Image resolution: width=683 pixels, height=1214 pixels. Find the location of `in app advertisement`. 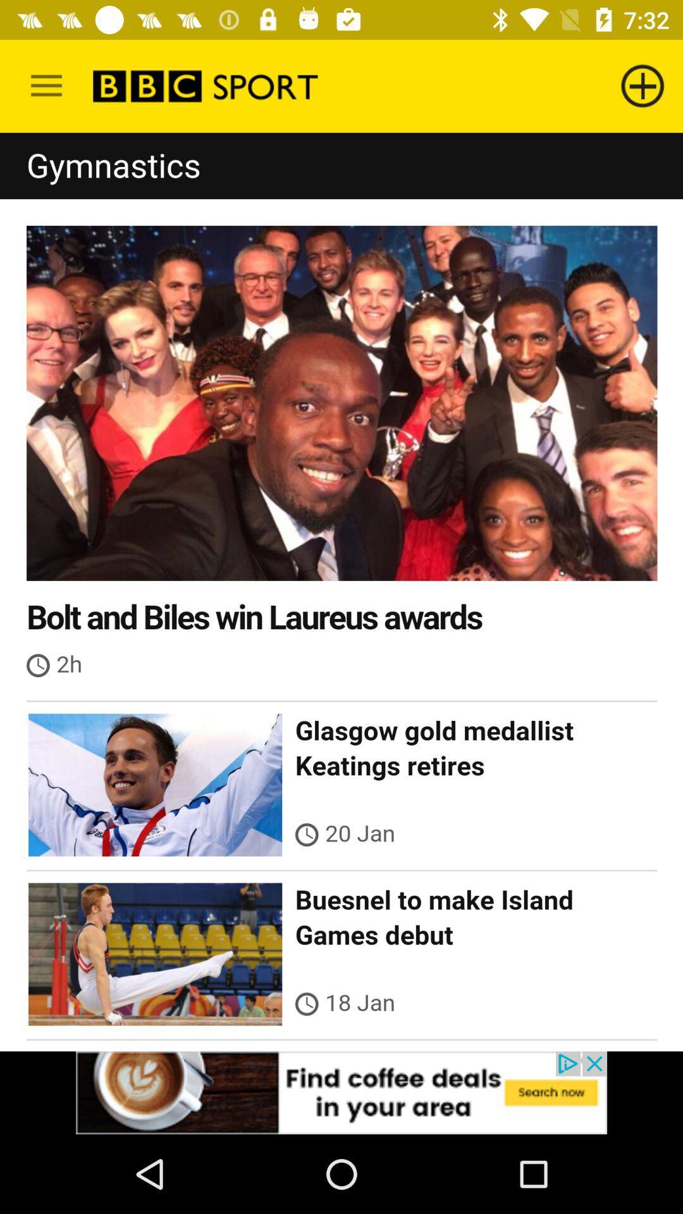

in app advertisement is located at coordinates (341, 1092).